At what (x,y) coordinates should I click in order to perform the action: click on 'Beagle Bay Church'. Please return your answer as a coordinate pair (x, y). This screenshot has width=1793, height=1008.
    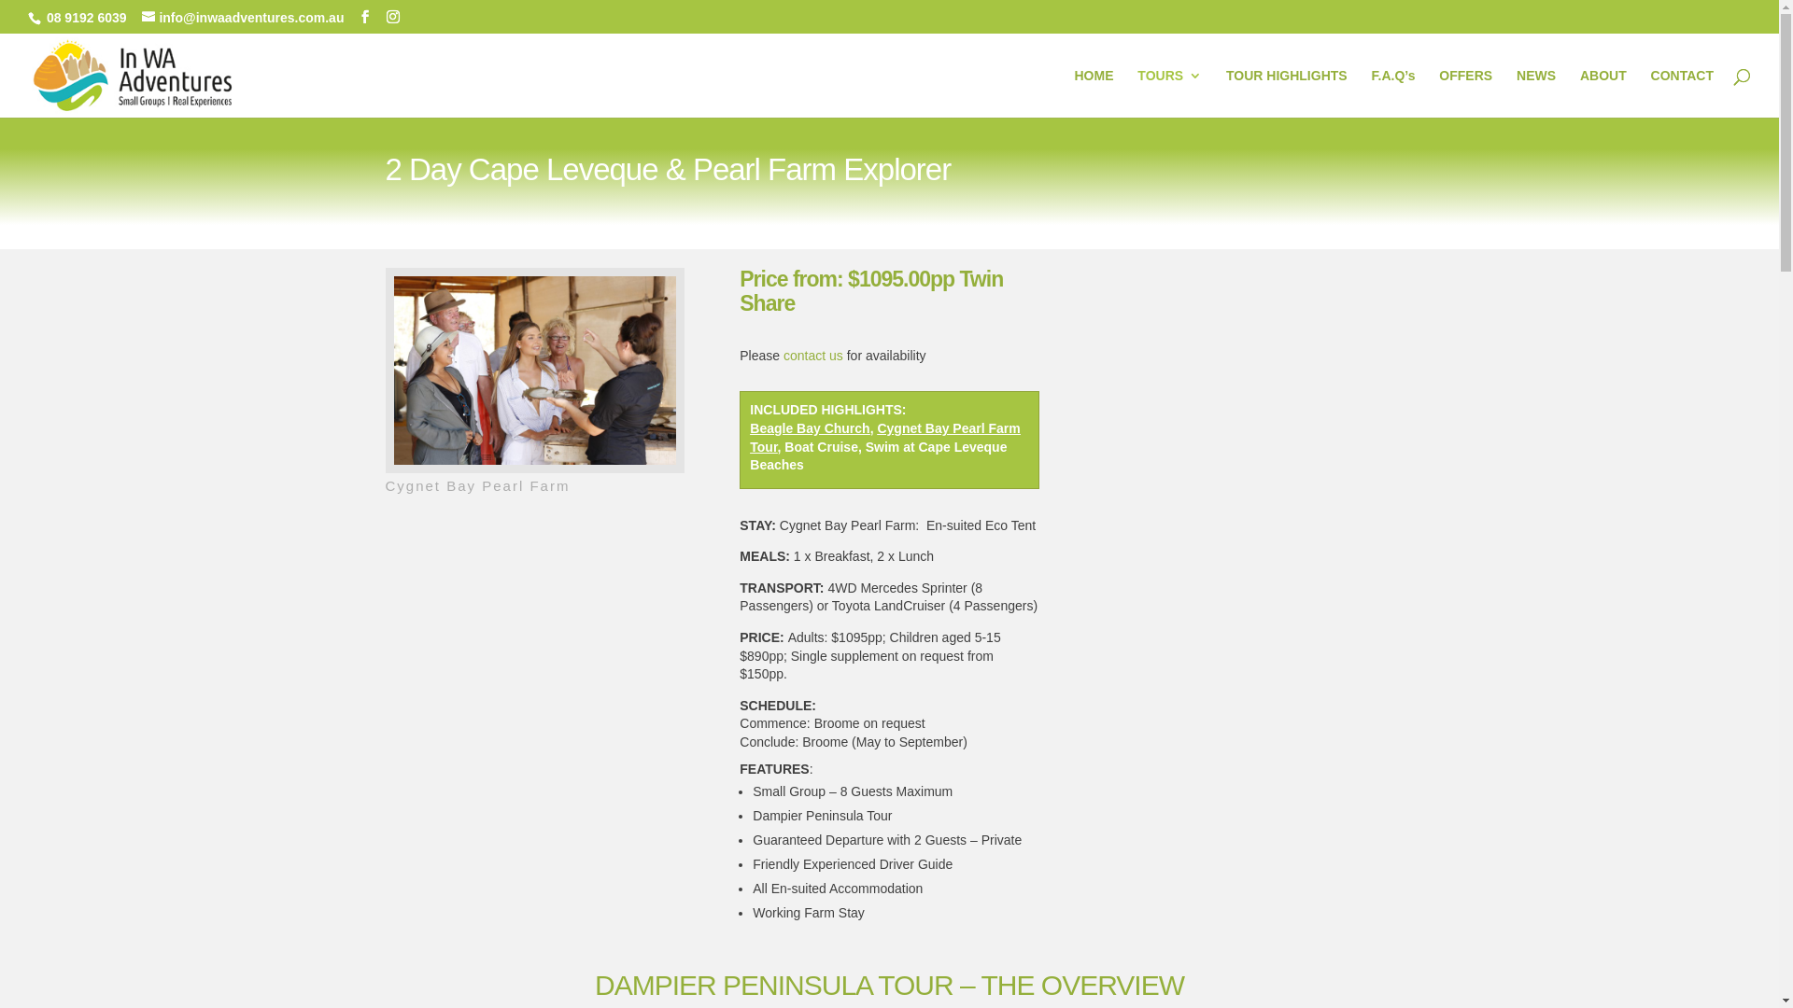
    Looking at the image, I should click on (810, 428).